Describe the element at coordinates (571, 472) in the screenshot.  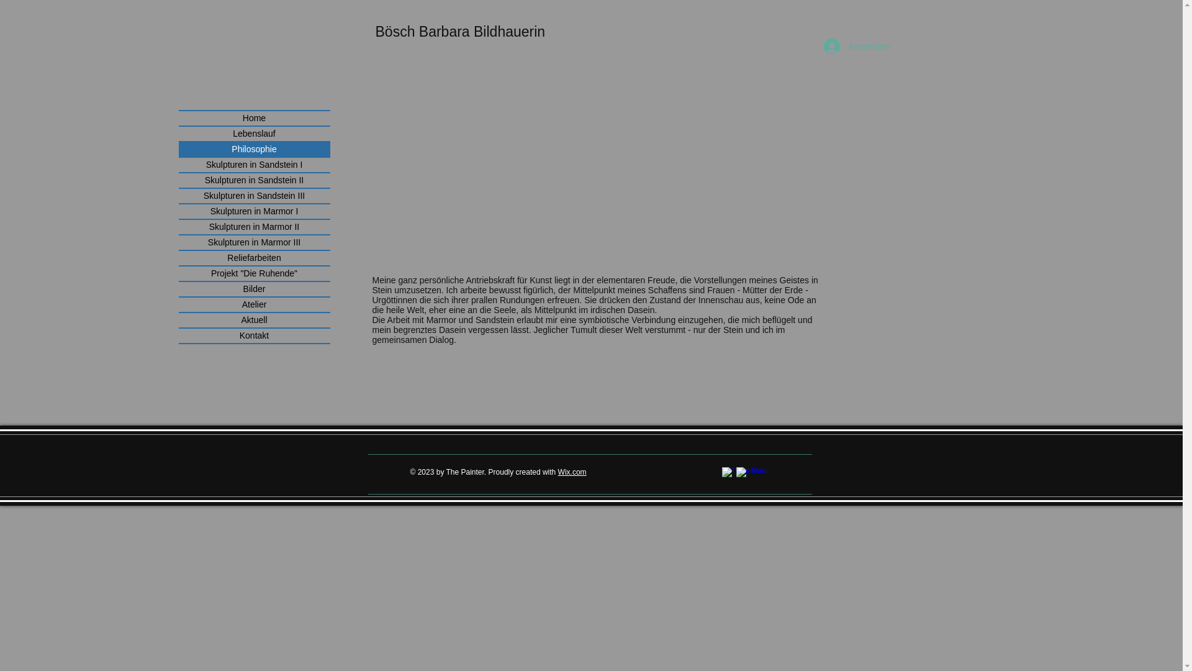
I see `'Wix.com'` at that location.